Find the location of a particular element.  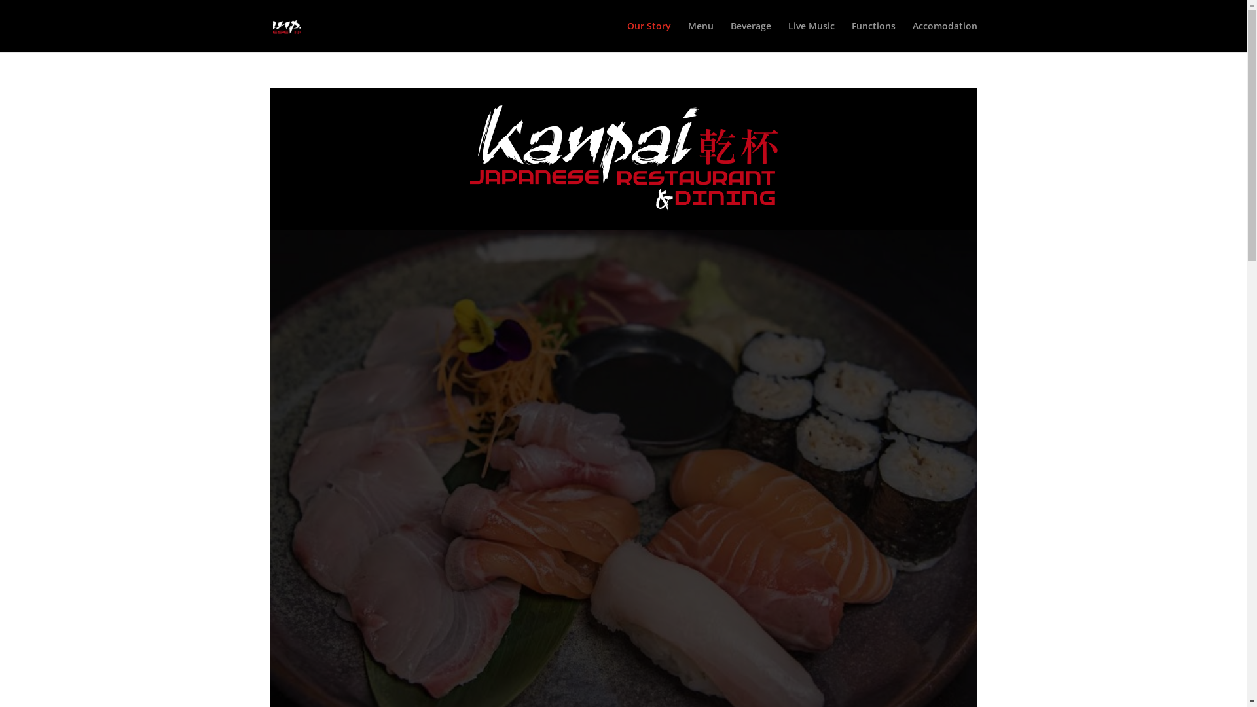

'Menu' is located at coordinates (699, 36).